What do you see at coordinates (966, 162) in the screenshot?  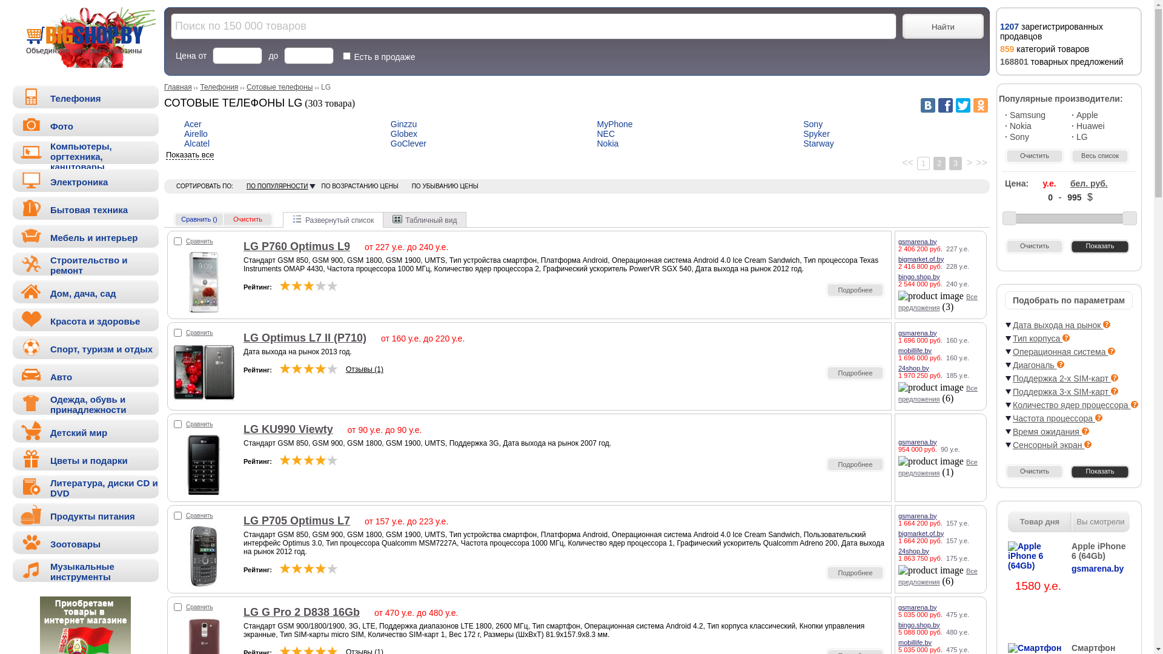 I see `'>'` at bounding box center [966, 162].